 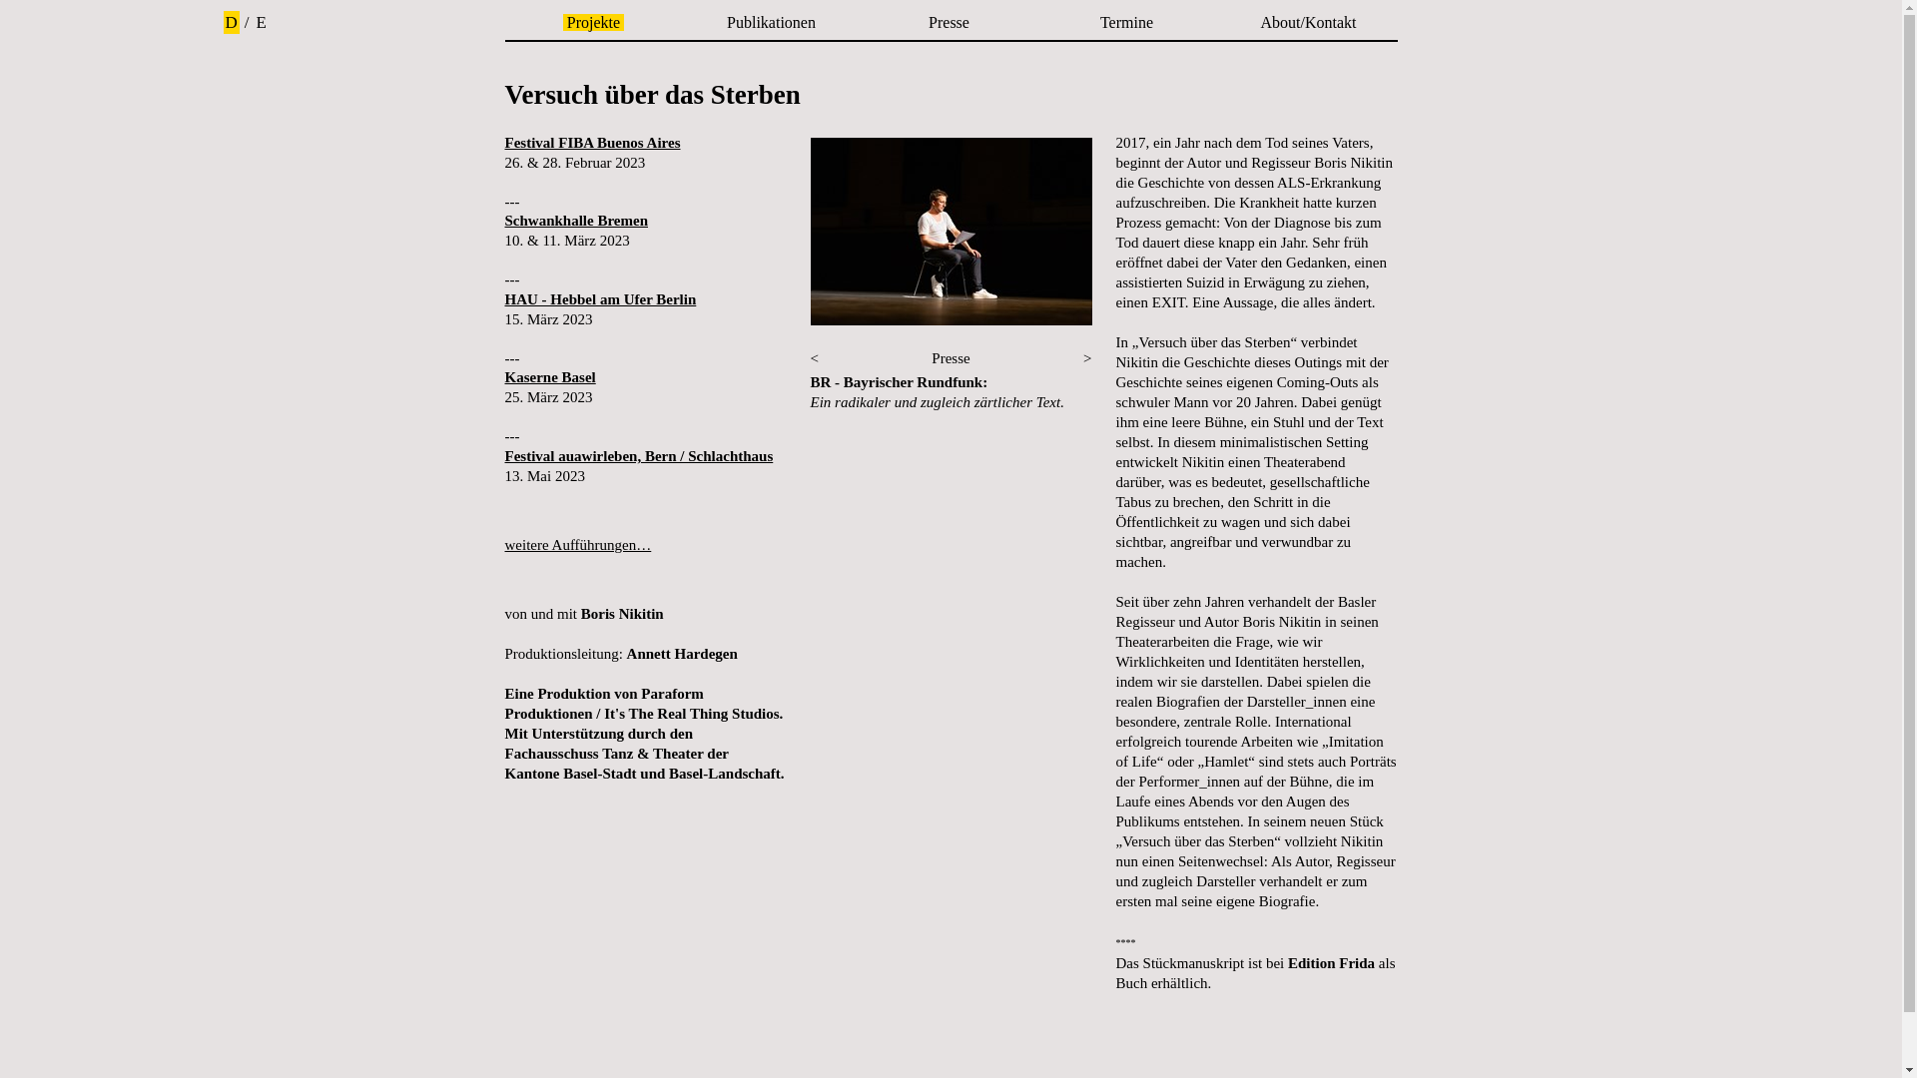 What do you see at coordinates (1254, 22) in the screenshot?
I see `'About/Kontakt'` at bounding box center [1254, 22].